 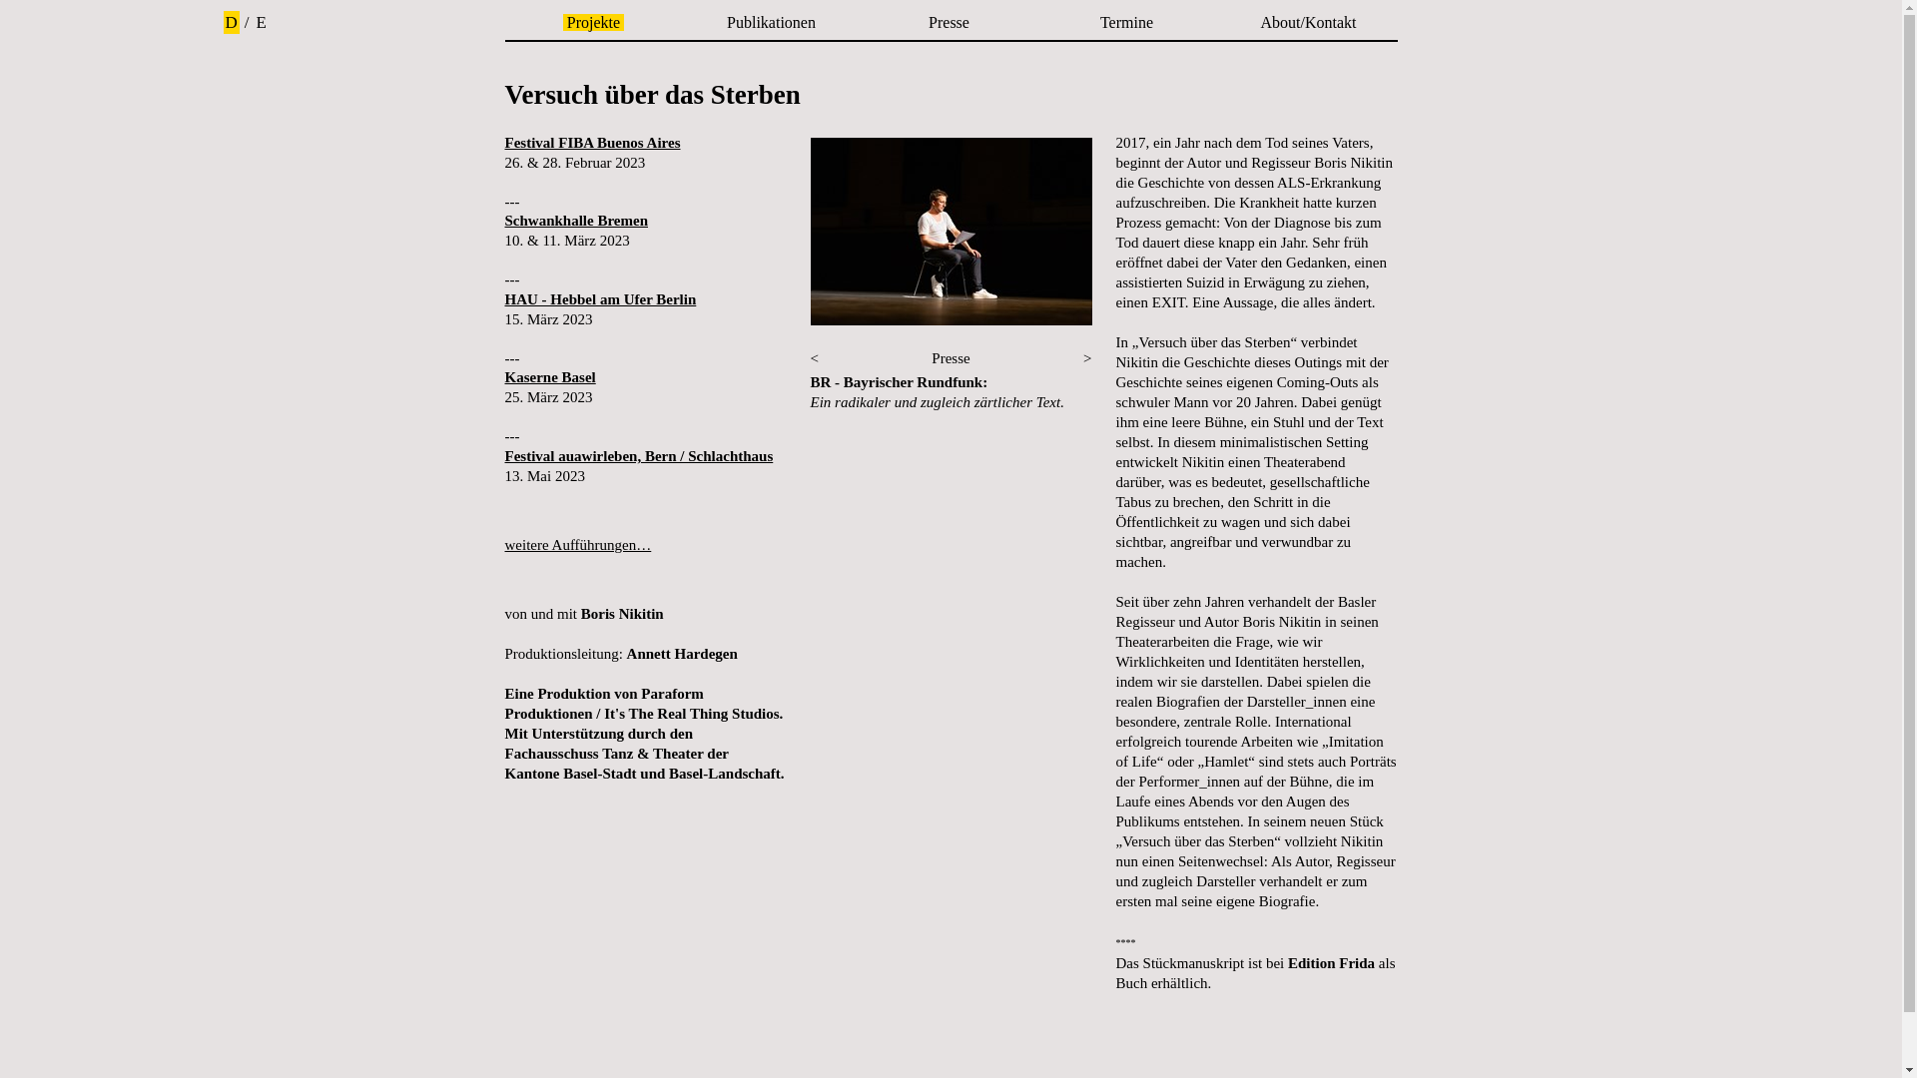 What do you see at coordinates (1254, 22) in the screenshot?
I see `'About/Kontakt'` at bounding box center [1254, 22].